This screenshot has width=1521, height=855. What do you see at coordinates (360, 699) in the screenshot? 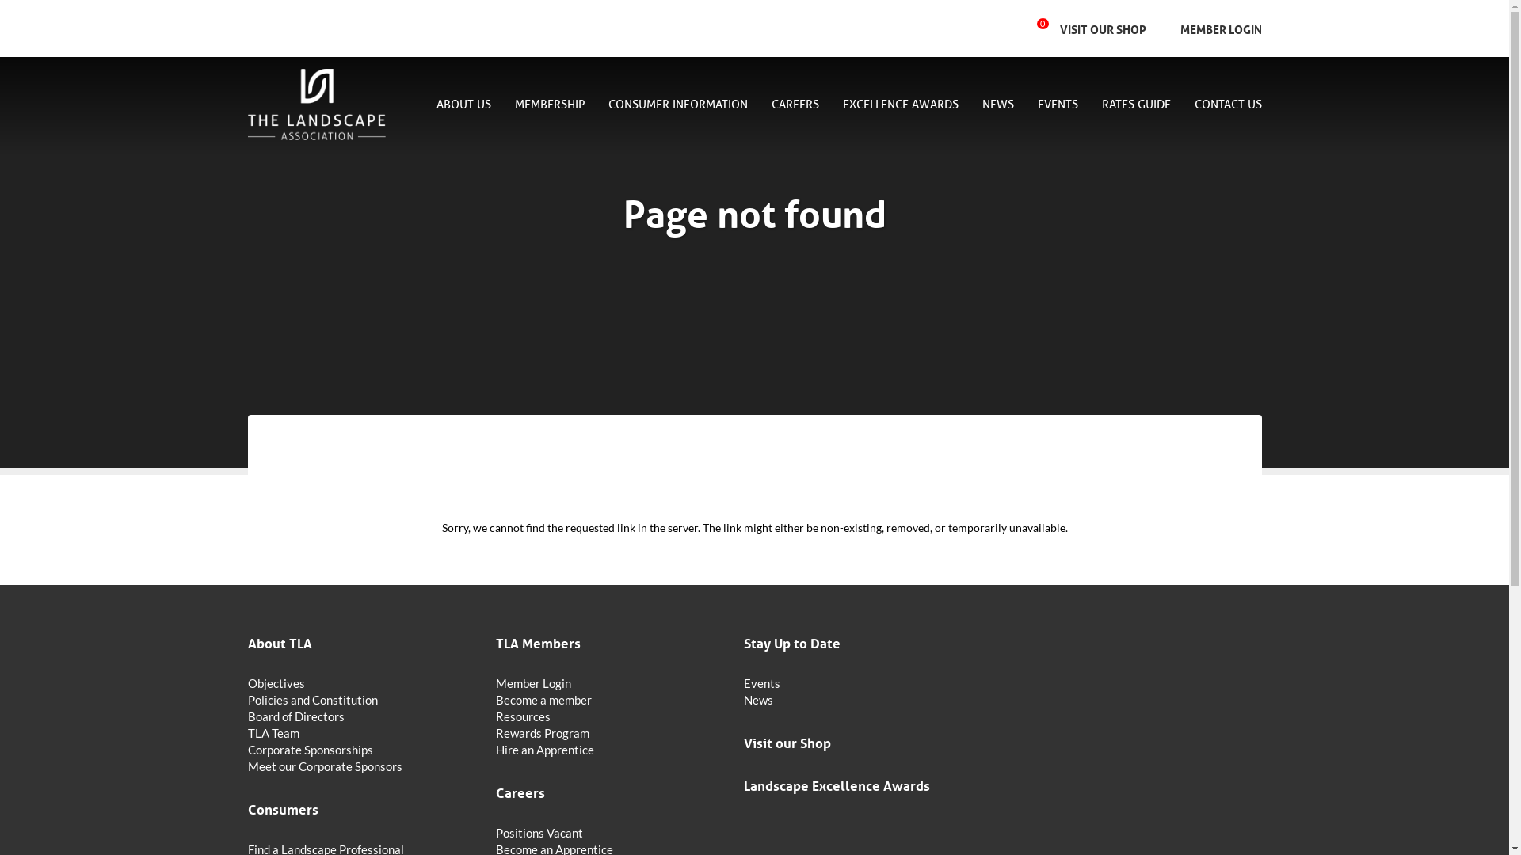
I see `'Policies and Constitution'` at bounding box center [360, 699].